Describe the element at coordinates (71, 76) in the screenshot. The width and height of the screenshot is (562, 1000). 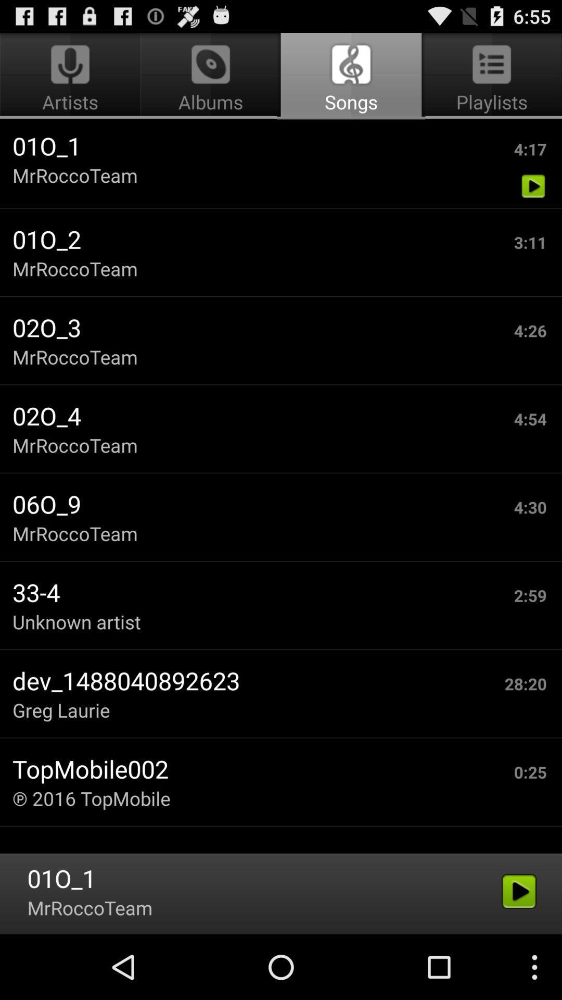
I see `artists` at that location.